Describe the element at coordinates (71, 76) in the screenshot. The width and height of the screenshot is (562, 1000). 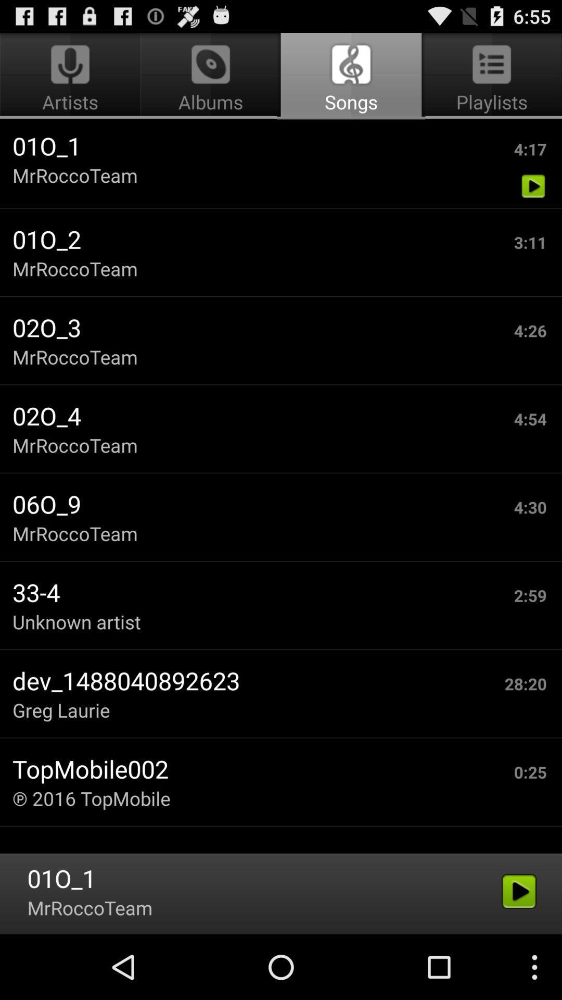
I see `artists` at that location.